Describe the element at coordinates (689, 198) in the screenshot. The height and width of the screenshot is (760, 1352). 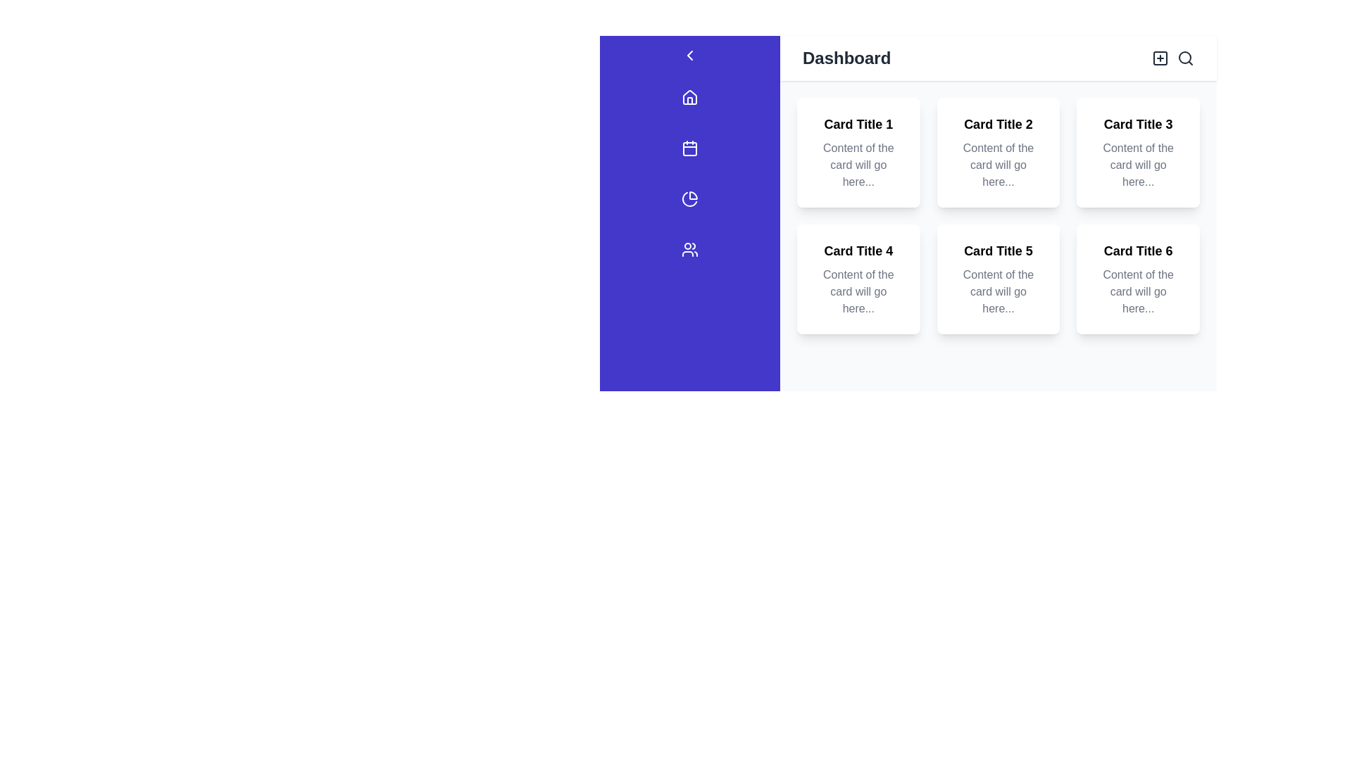
I see `the pie chart icon located in the vertical navigation bar on the left side of the interface` at that location.